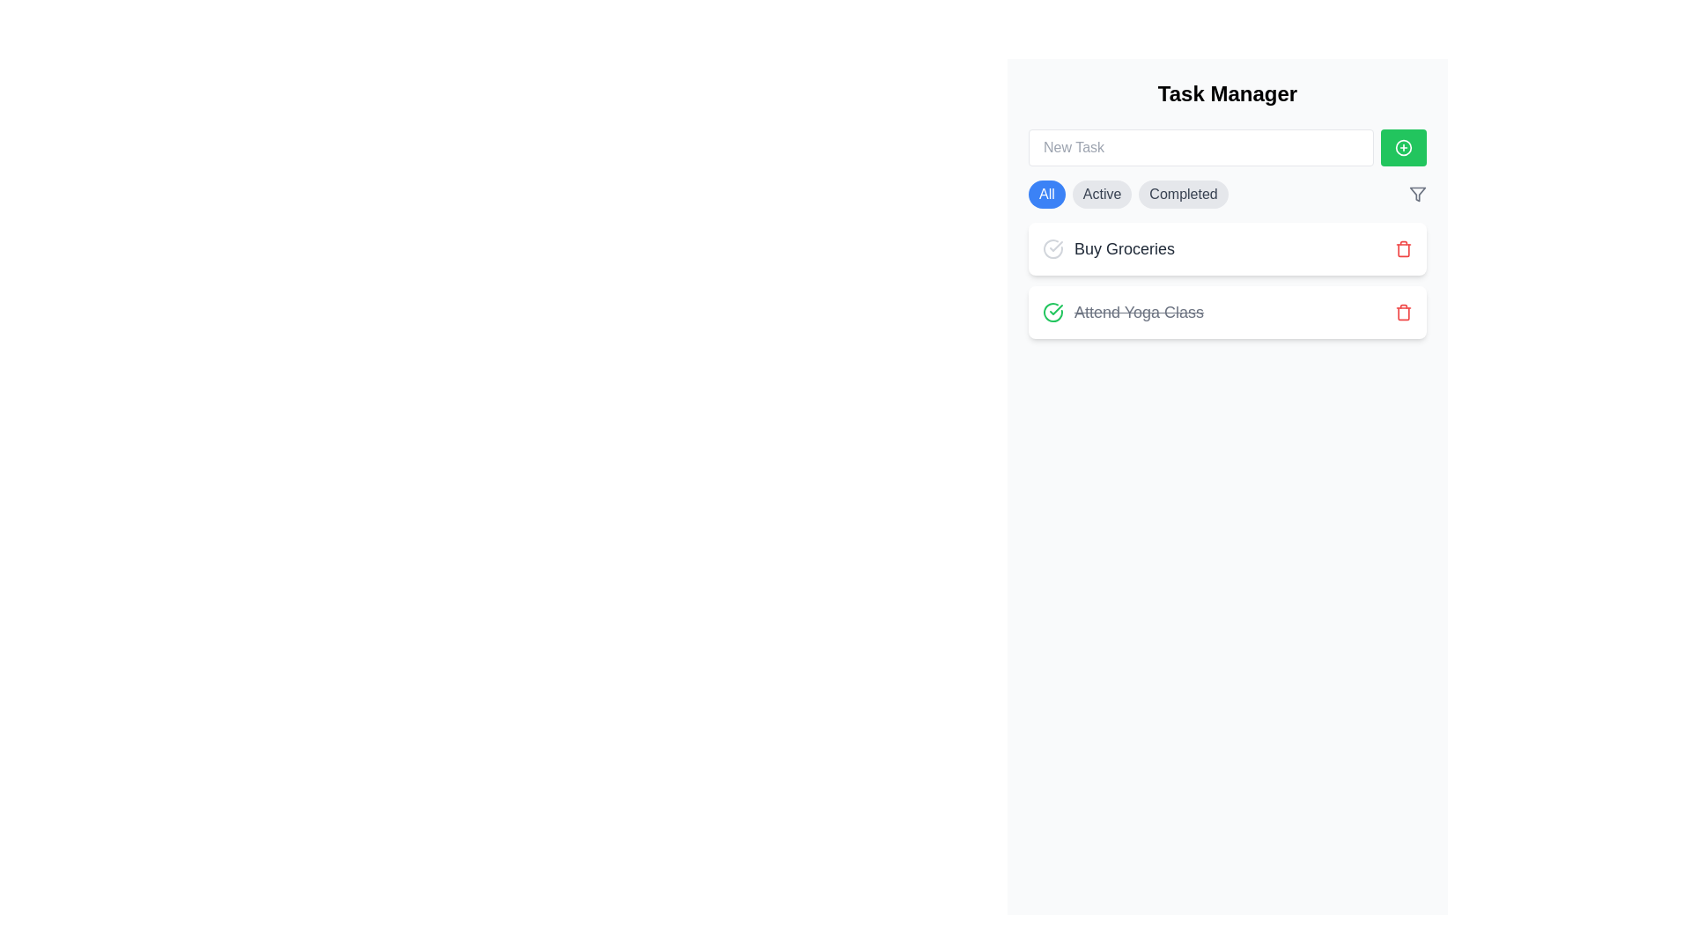  Describe the element at coordinates (1122, 311) in the screenshot. I see `the text 'Attend Yoga Class' with a strikethrough effect in the 'Completed' task list` at that location.